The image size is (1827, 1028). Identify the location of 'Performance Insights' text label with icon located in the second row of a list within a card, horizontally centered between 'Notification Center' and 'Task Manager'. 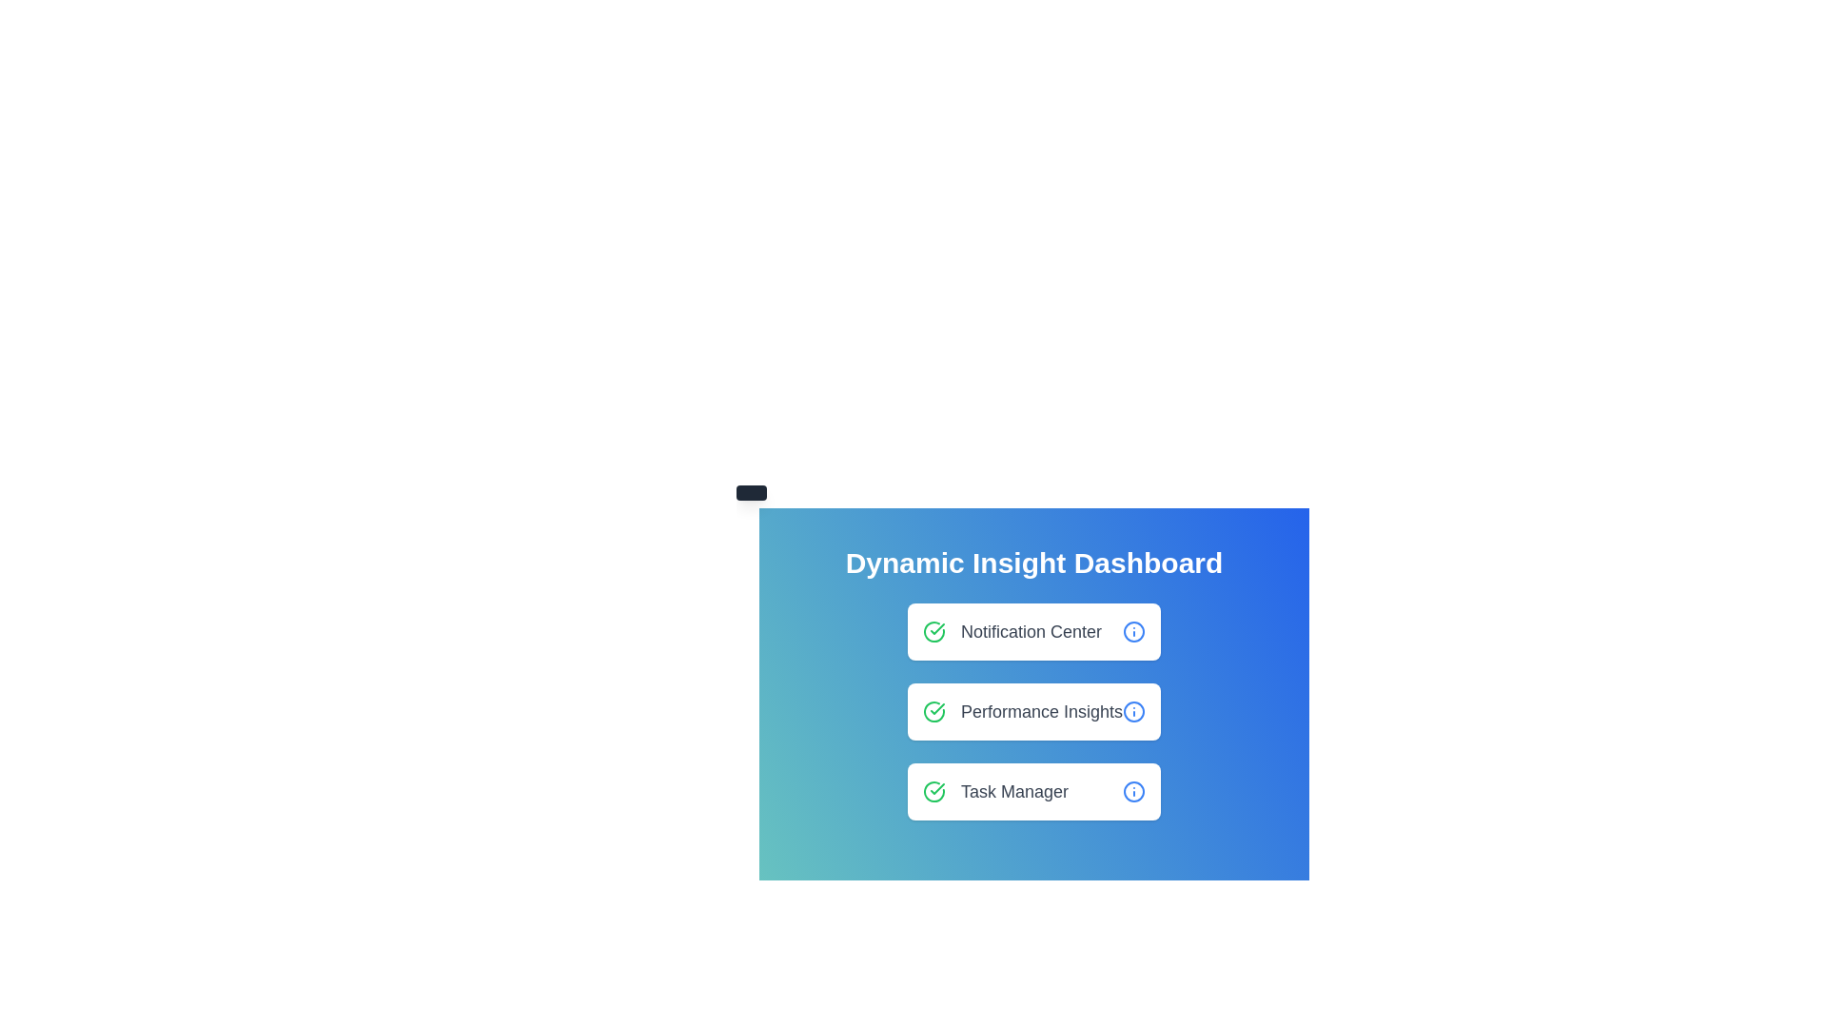
(1022, 712).